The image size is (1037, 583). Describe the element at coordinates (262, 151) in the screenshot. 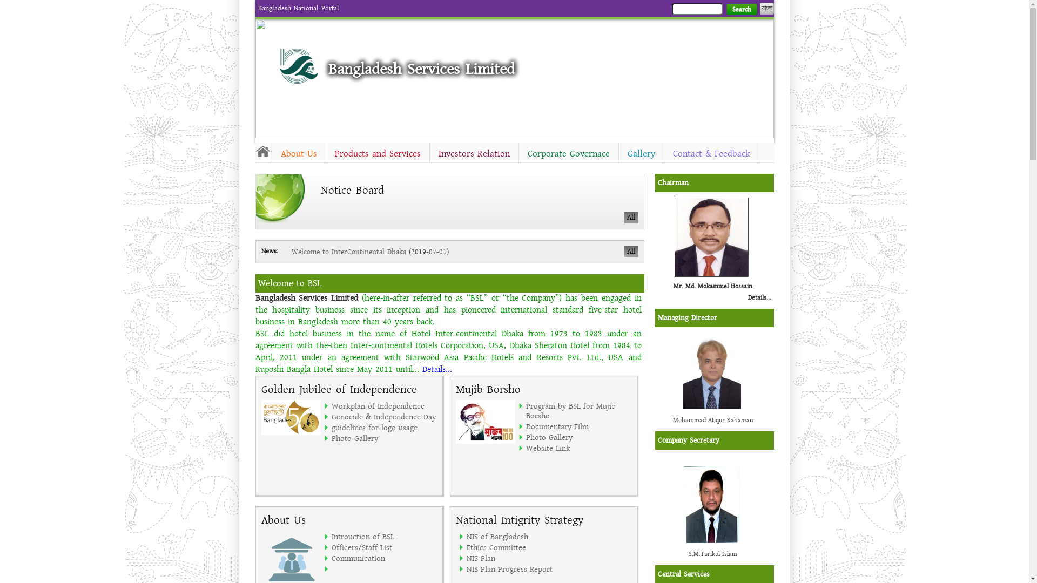

I see `'Home'` at that location.